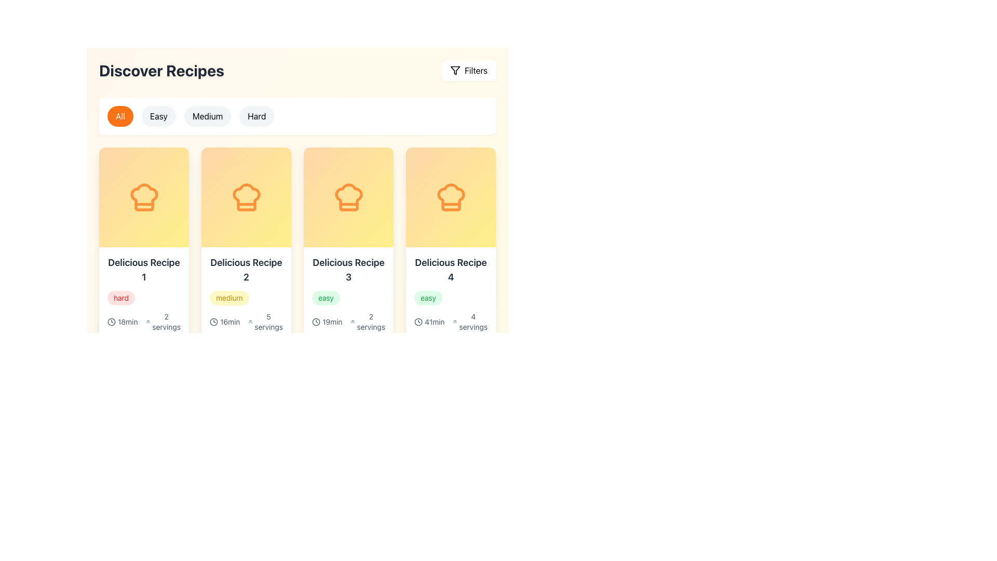  What do you see at coordinates (297, 116) in the screenshot?
I see `the first rounded button labeled 'All' in the horizontal row of filter buttons under the 'Discover Recipes' heading to make it active` at bounding box center [297, 116].